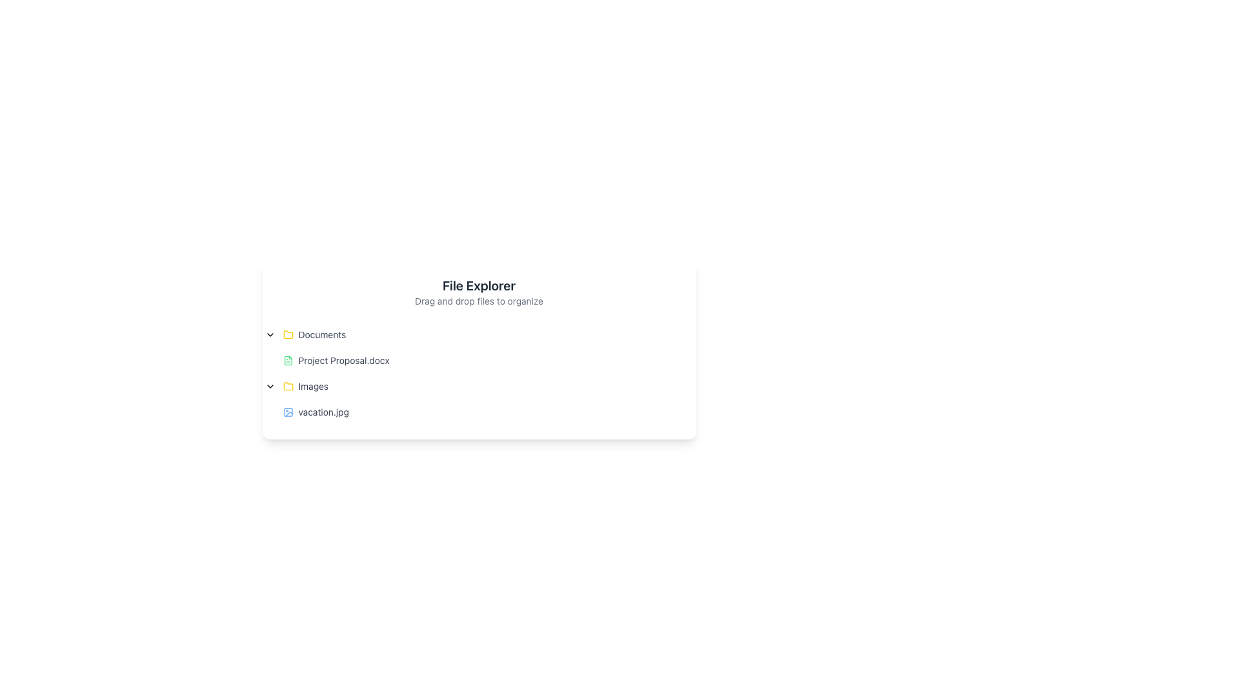  I want to click on the 'Documents' text label that indicates the name or type of content expected within the adjacent yellow folder icon, so click(322, 334).